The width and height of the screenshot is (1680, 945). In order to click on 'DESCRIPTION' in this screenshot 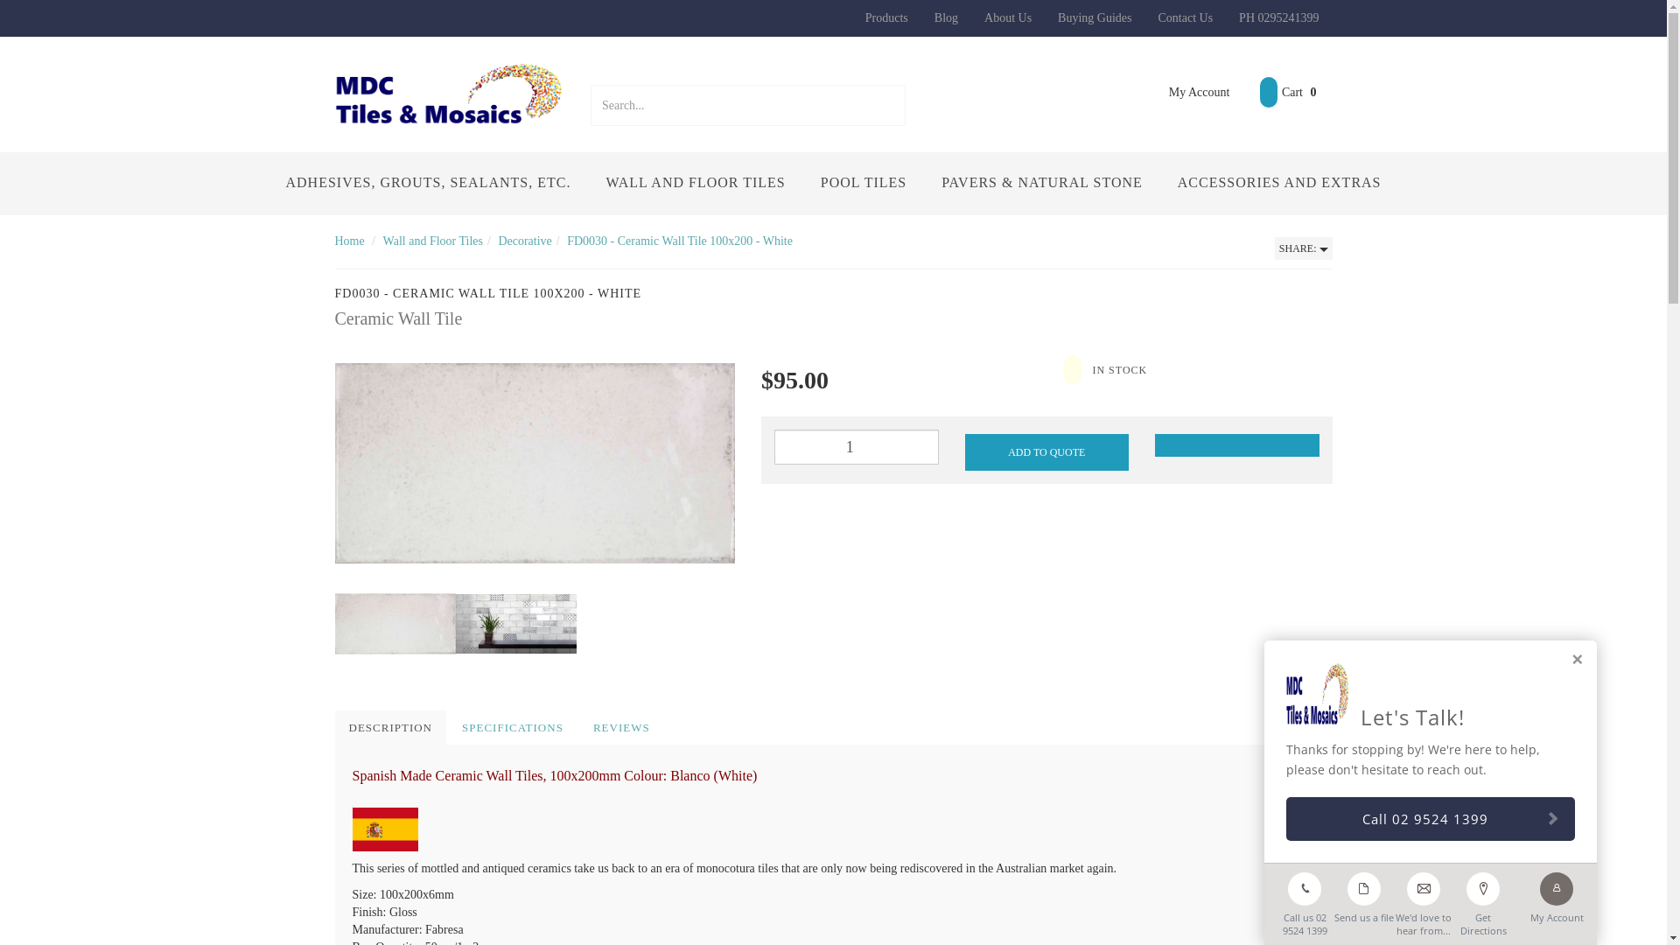, I will do `click(389, 728)`.